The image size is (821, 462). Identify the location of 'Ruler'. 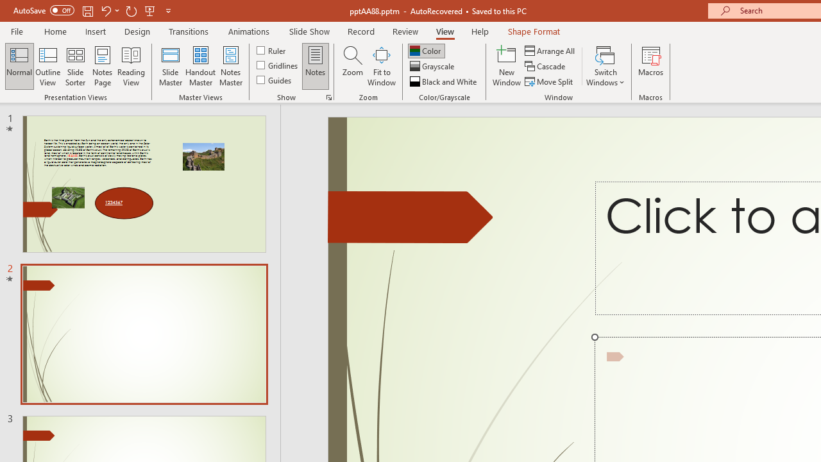
(271, 49).